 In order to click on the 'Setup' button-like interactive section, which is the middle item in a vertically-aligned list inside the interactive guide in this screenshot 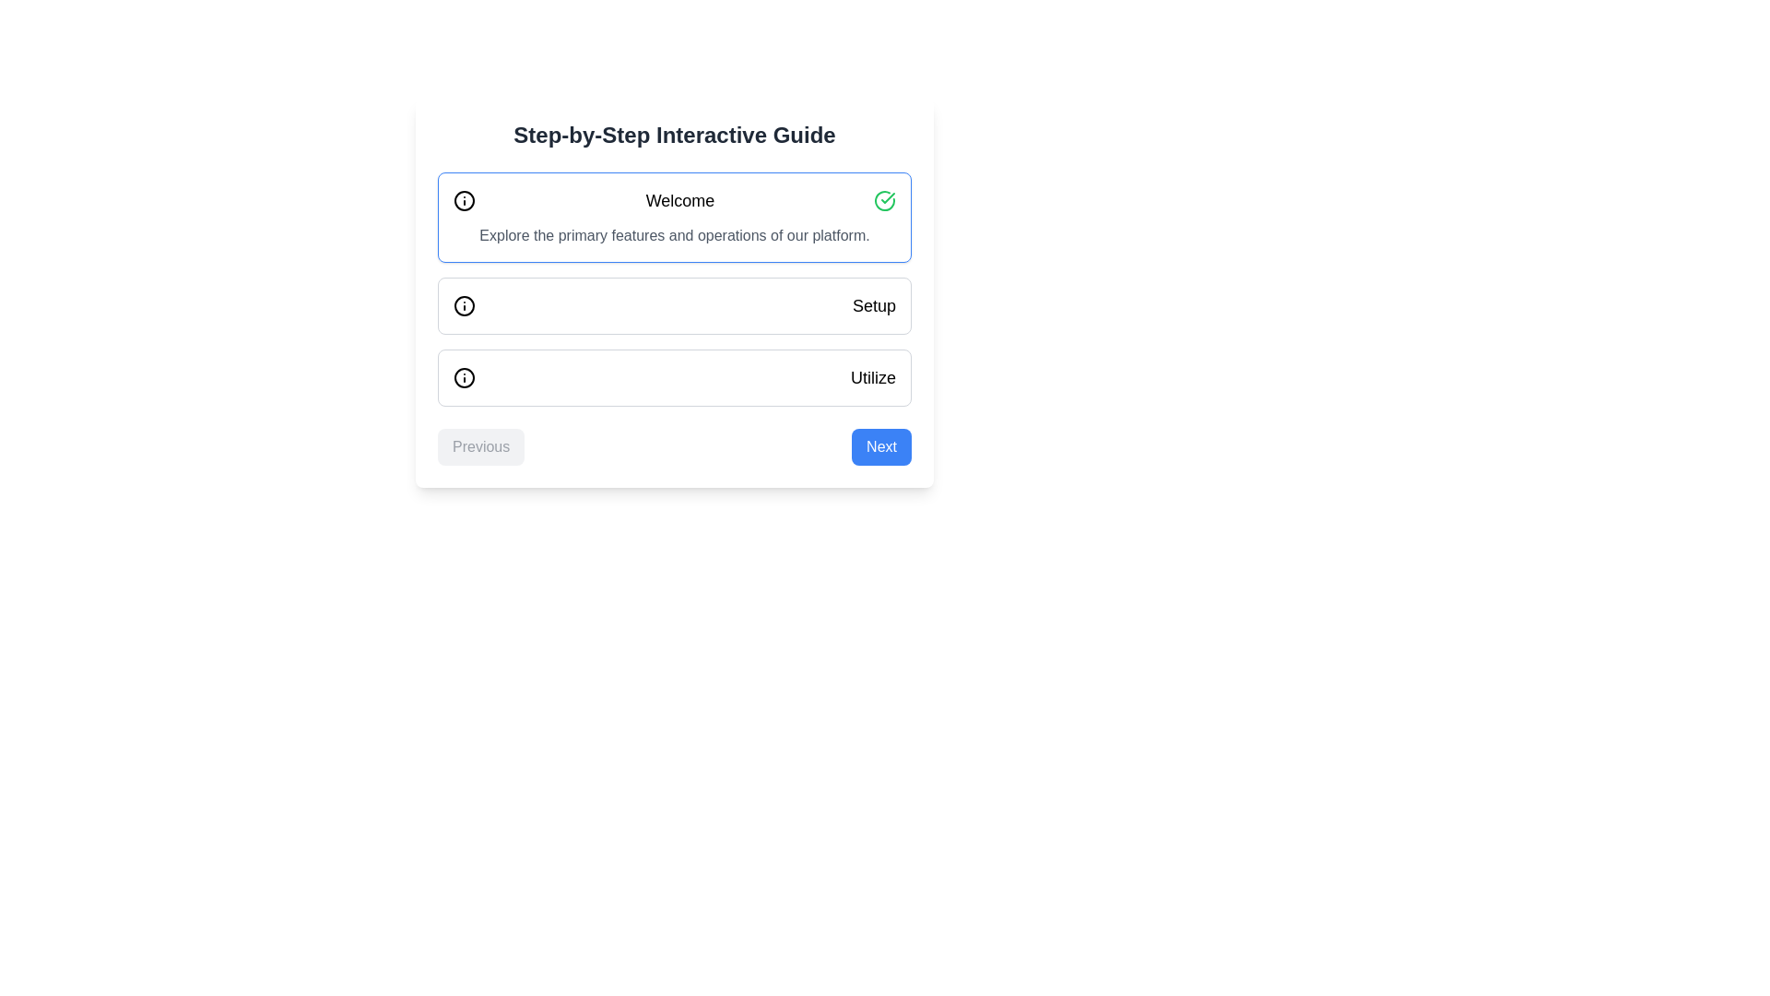, I will do `click(673, 304)`.